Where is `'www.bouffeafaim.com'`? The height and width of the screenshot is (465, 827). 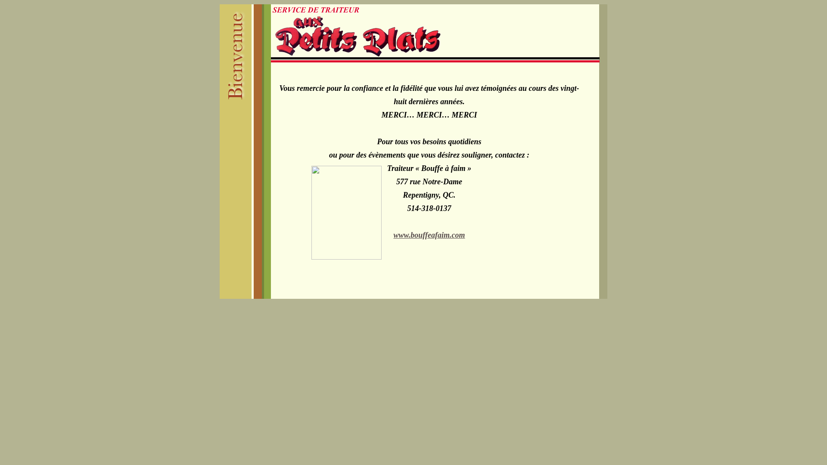
'www.bouffeafaim.com' is located at coordinates (429, 235).